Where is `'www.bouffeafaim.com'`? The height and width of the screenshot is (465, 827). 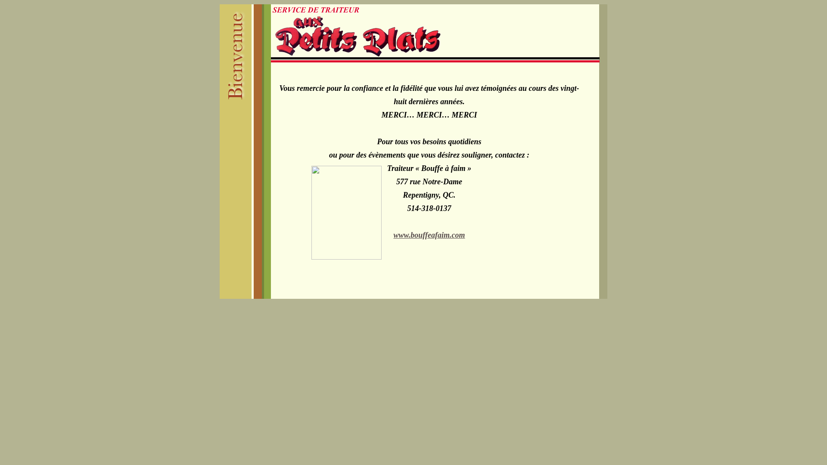
'www.bouffeafaim.com' is located at coordinates (429, 235).